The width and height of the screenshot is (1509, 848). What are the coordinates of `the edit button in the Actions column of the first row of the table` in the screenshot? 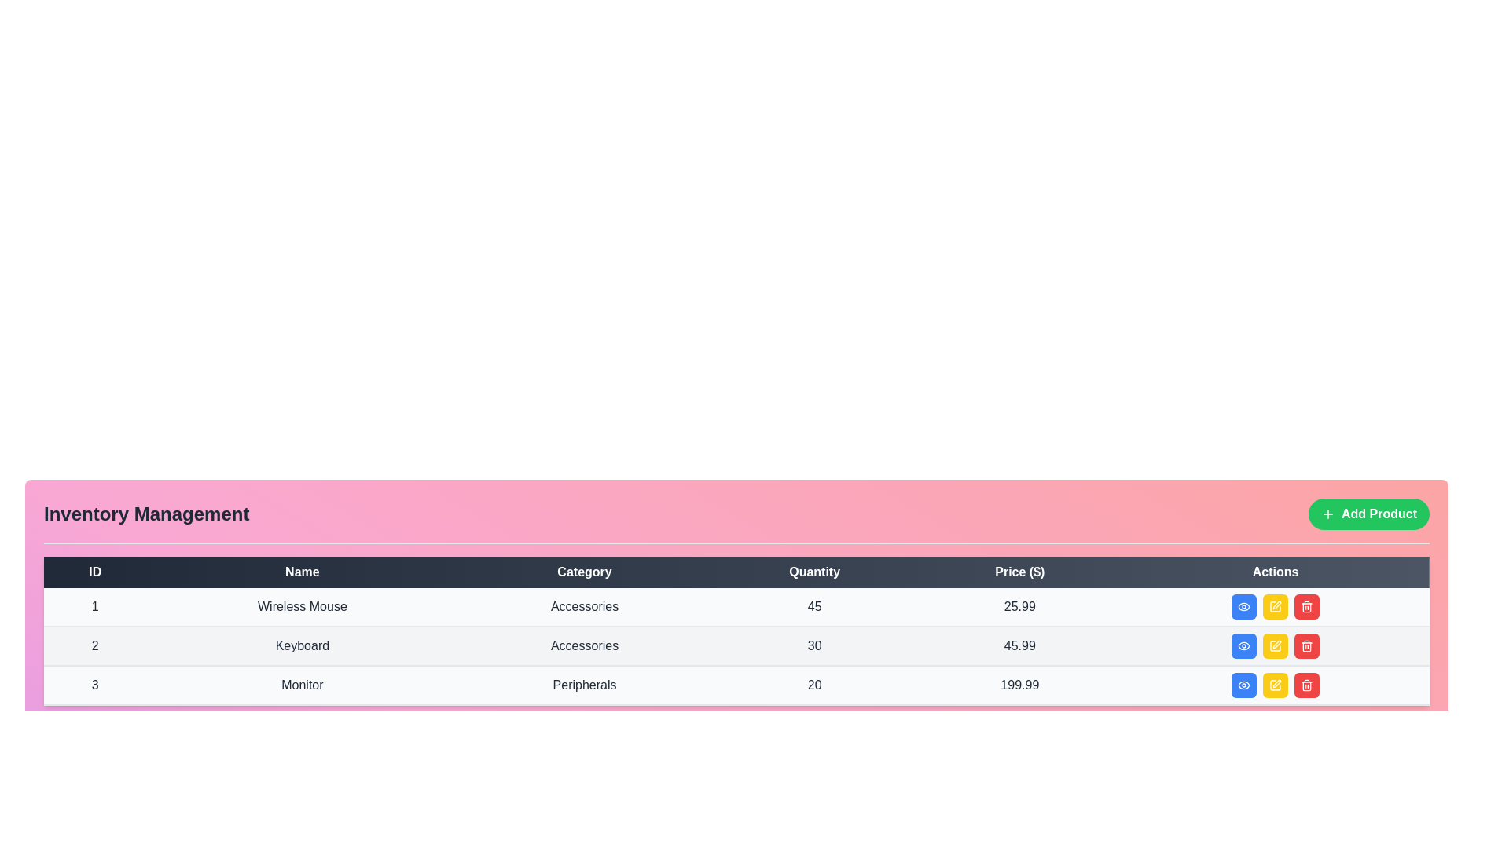 It's located at (1276, 605).